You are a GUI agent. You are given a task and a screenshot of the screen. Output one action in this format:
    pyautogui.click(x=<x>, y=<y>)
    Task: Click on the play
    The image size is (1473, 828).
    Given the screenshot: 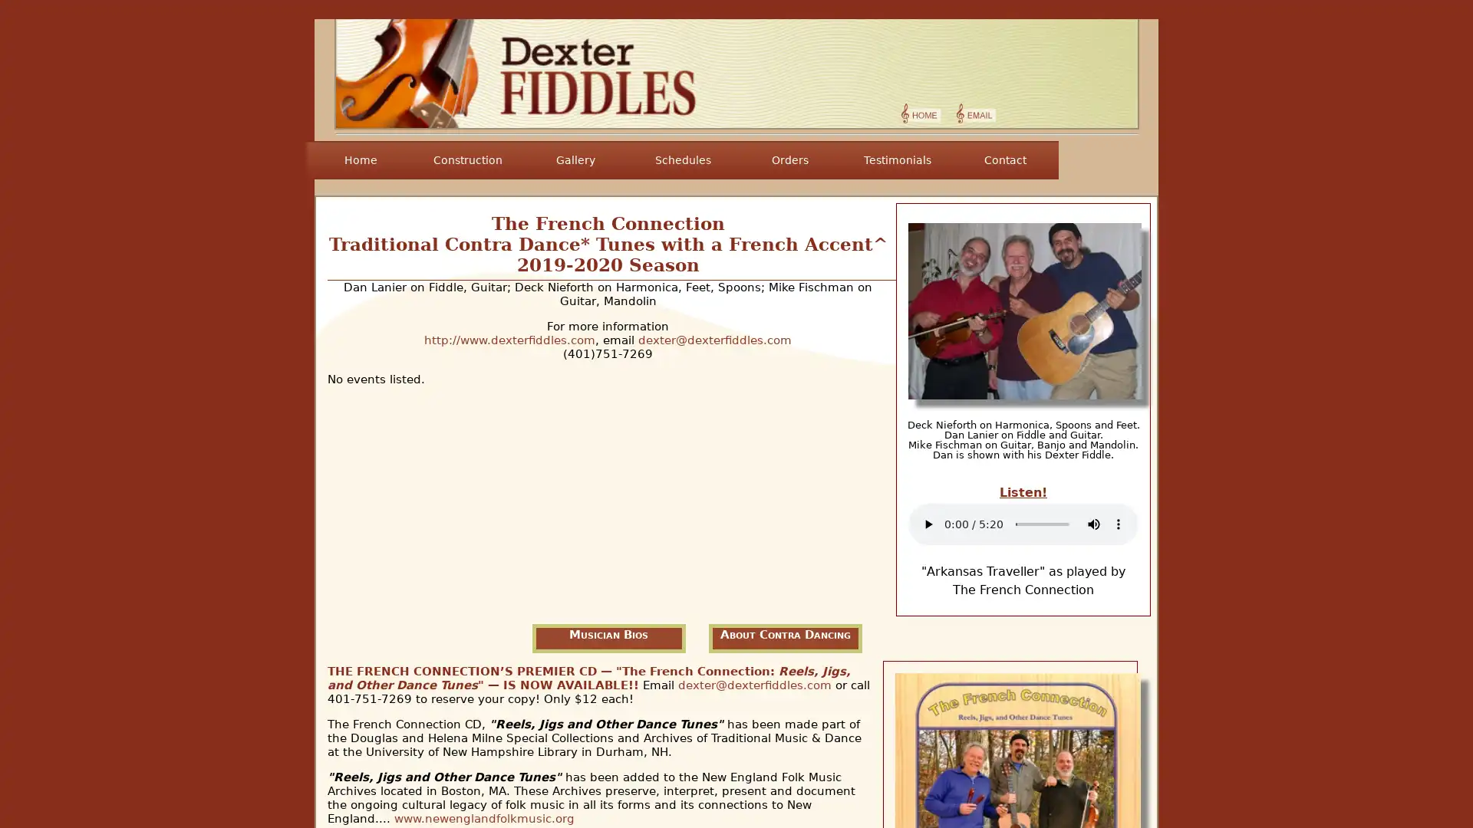 What is the action you would take?
    pyautogui.click(x=927, y=522)
    